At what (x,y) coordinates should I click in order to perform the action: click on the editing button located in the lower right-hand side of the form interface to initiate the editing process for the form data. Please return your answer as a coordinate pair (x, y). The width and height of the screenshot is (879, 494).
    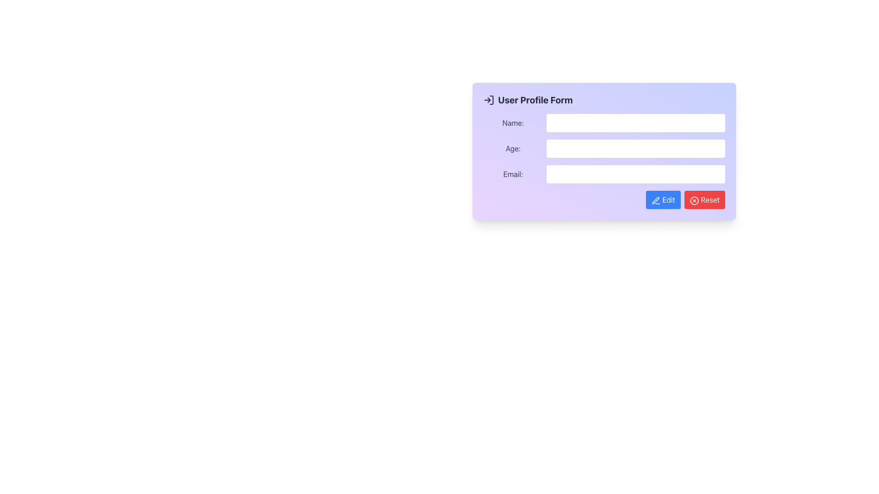
    Looking at the image, I should click on (663, 199).